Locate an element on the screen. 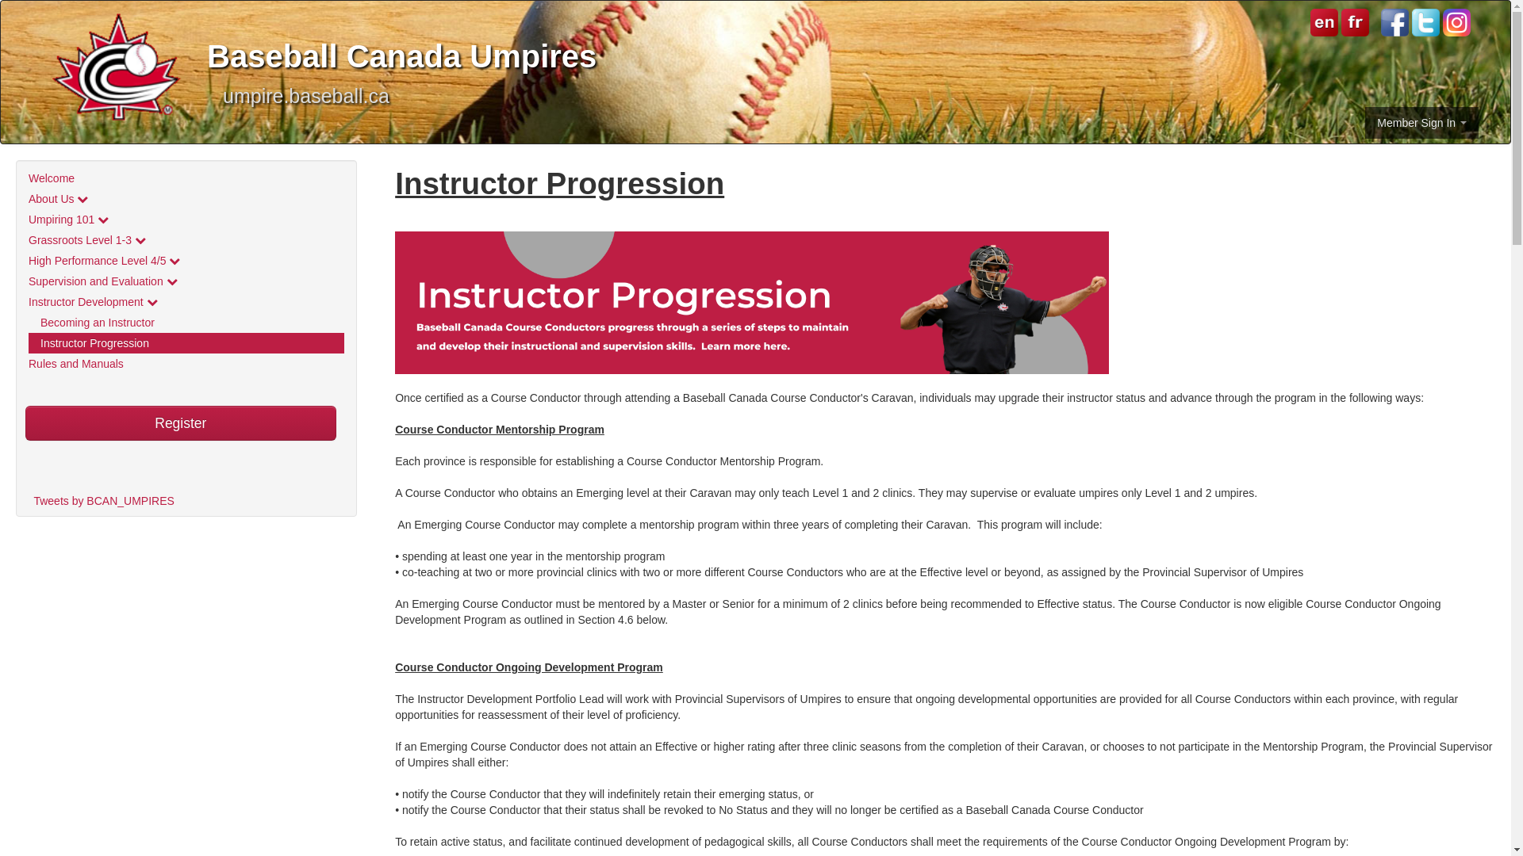  'English' is located at coordinates (1324, 21).